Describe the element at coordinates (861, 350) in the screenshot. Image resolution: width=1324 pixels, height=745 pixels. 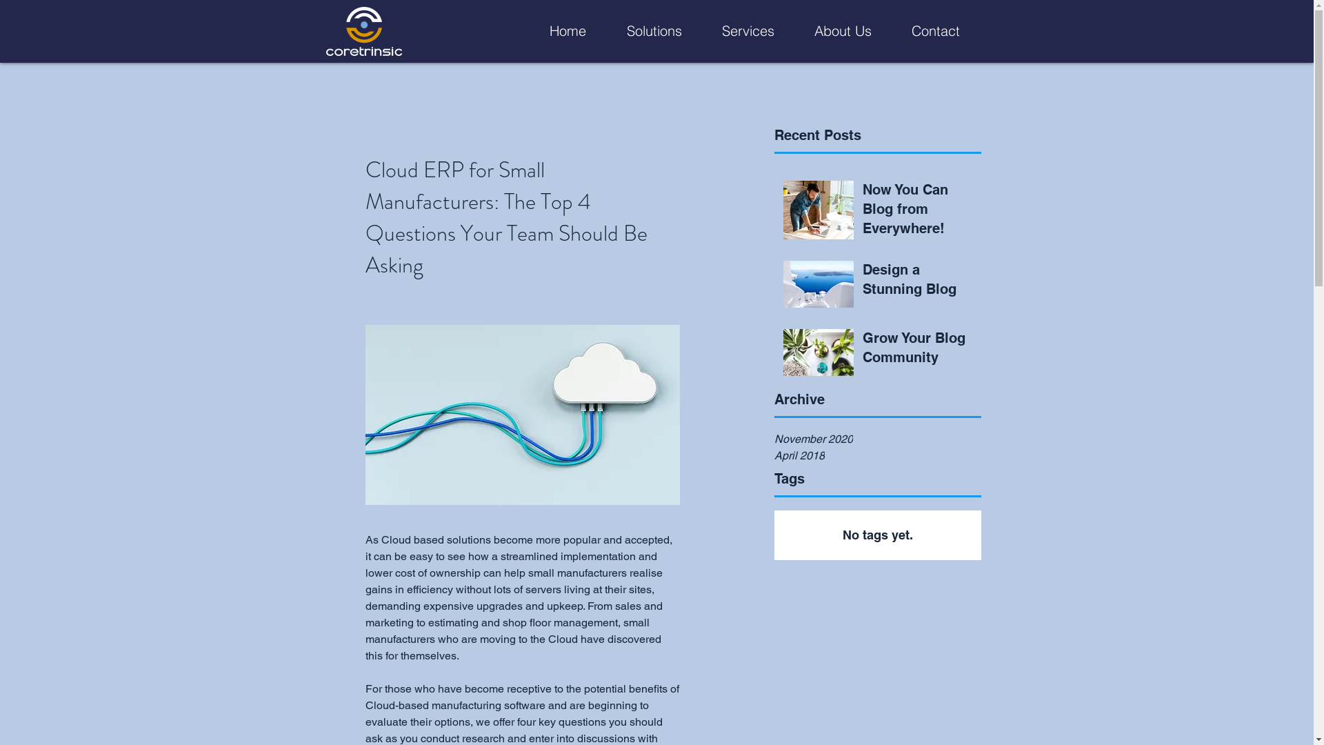
I see `'Grow Your Blog Community'` at that location.